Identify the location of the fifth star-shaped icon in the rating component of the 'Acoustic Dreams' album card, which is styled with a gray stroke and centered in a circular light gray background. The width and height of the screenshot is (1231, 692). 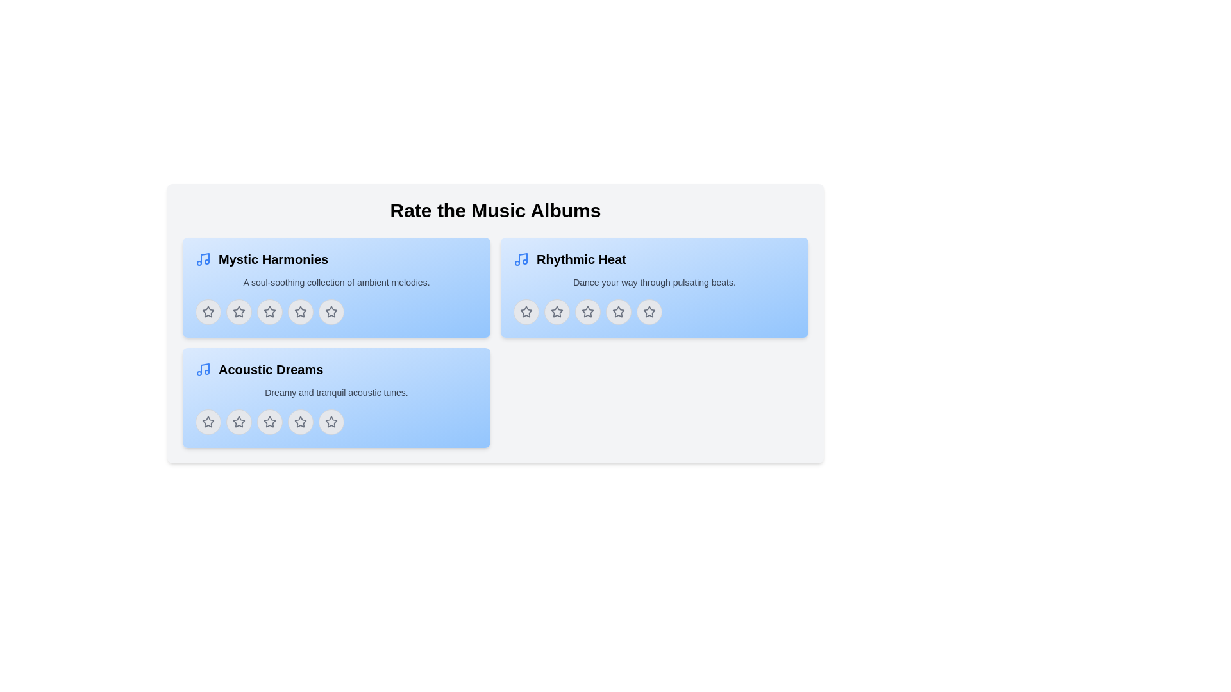
(300, 422).